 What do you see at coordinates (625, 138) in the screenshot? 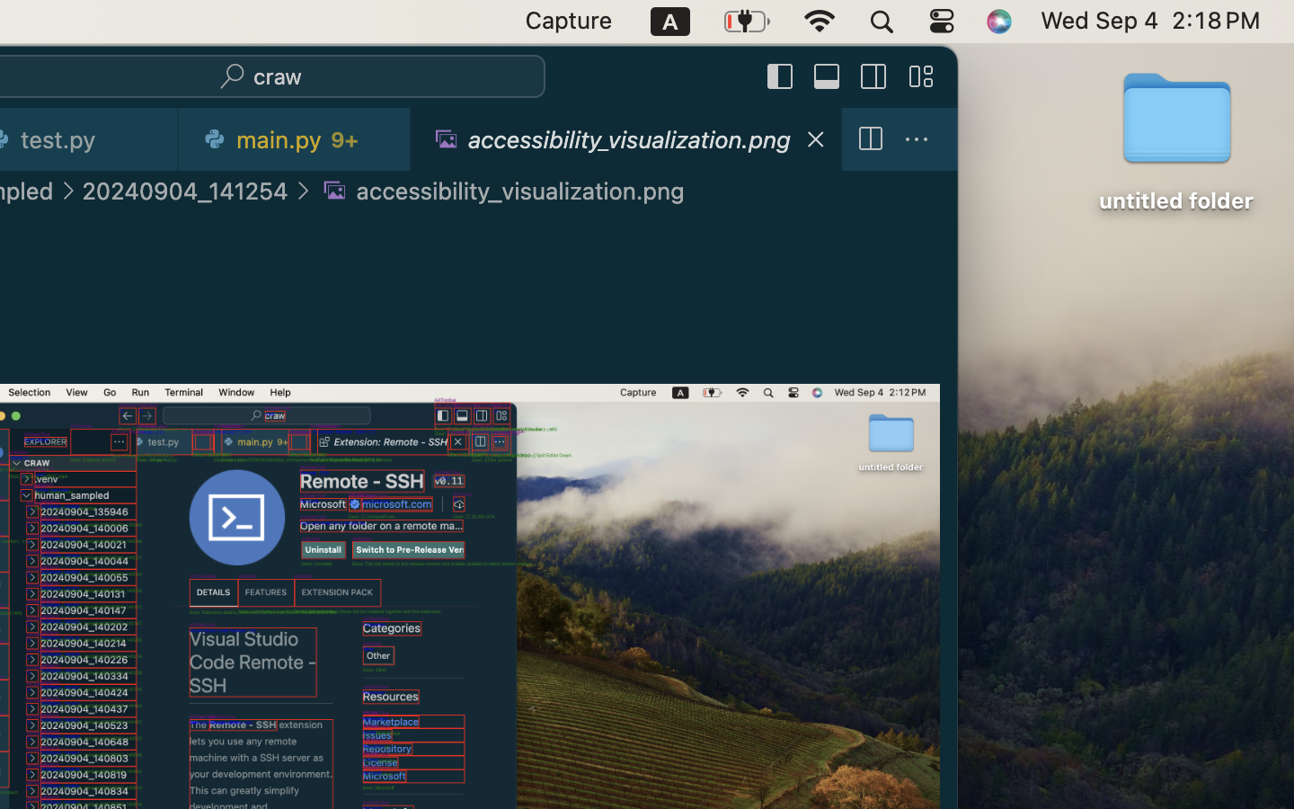
I see `'1 accessibility_visualization.png  '` at bounding box center [625, 138].